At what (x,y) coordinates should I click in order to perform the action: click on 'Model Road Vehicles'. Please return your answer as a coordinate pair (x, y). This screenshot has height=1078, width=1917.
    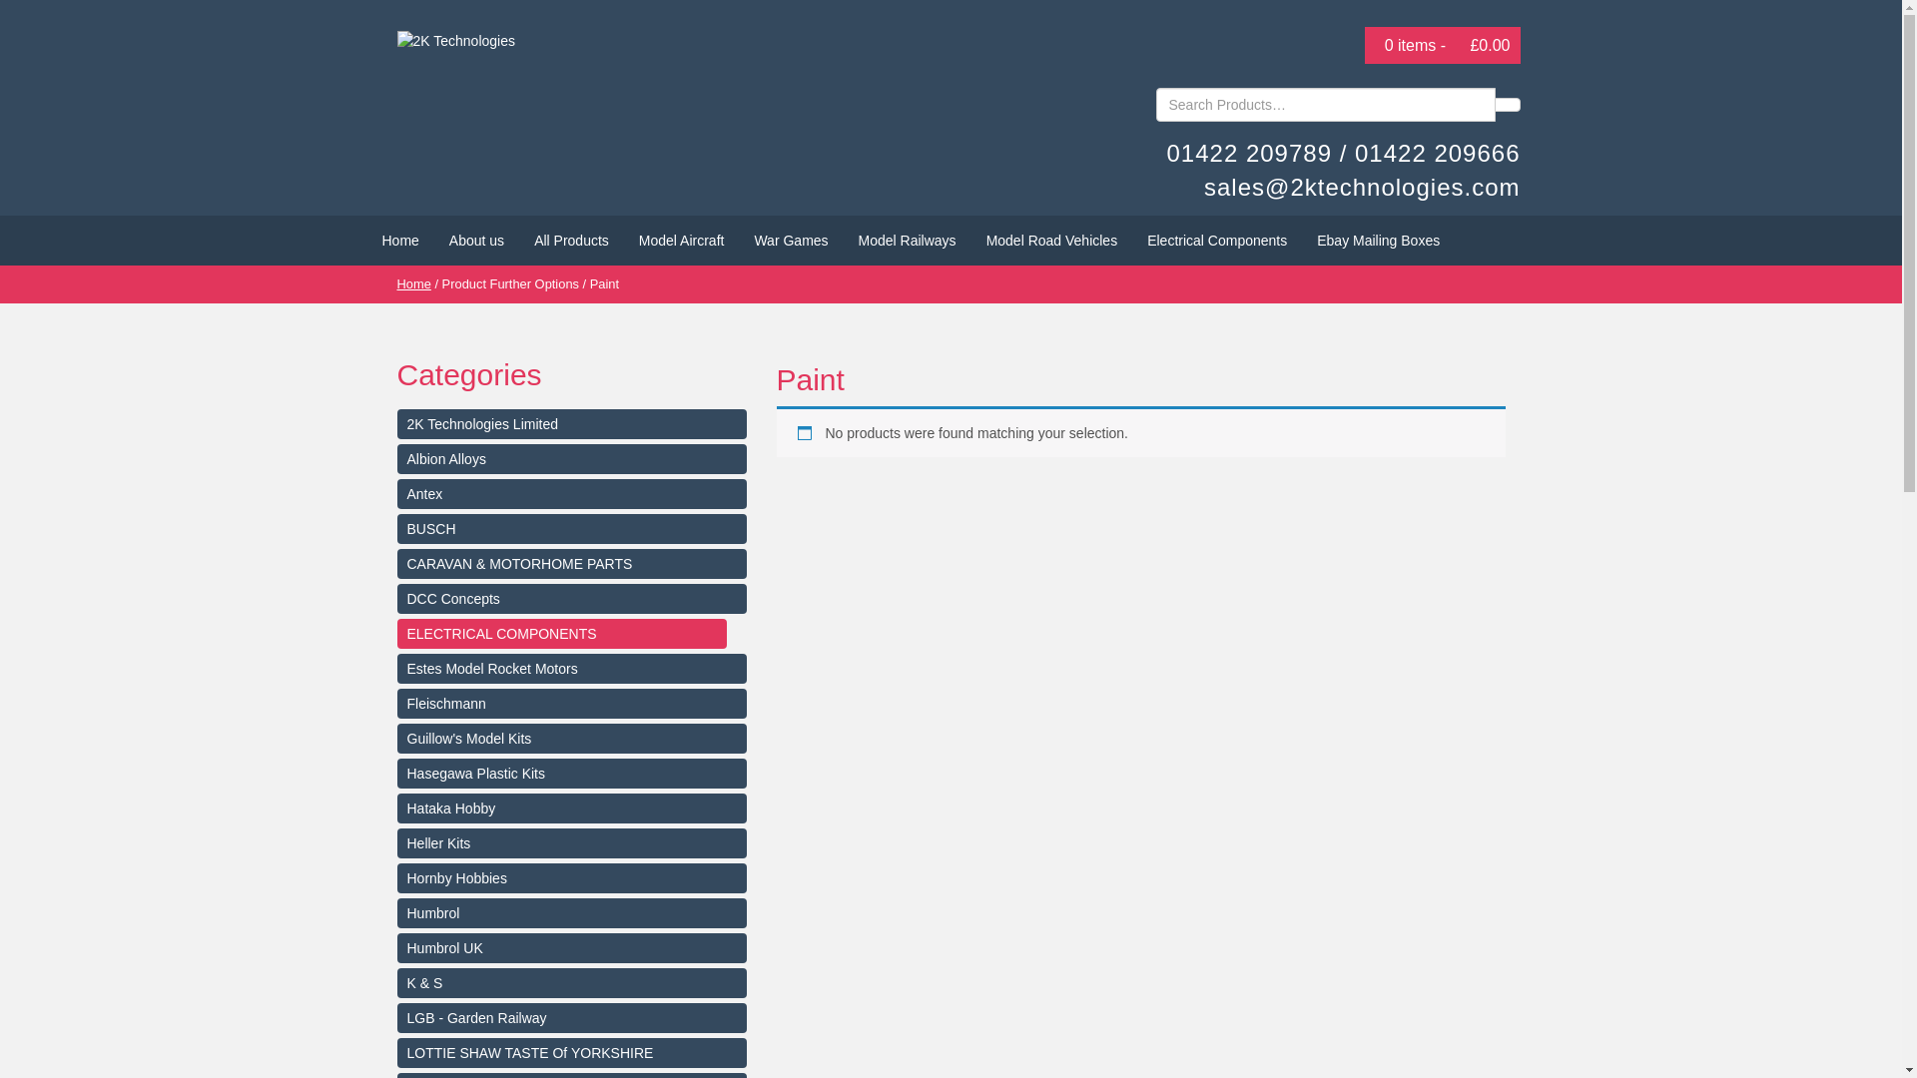
    Looking at the image, I should click on (1051, 239).